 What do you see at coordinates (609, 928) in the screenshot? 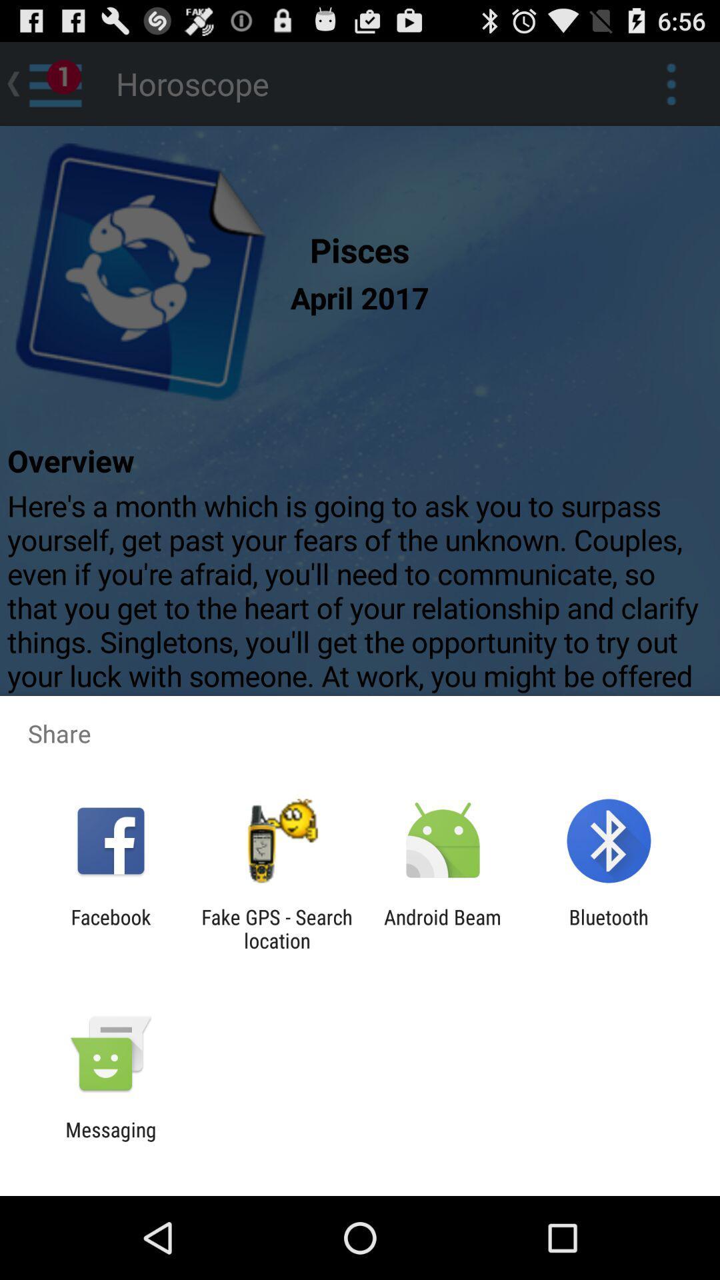
I see `bluetooth` at bounding box center [609, 928].